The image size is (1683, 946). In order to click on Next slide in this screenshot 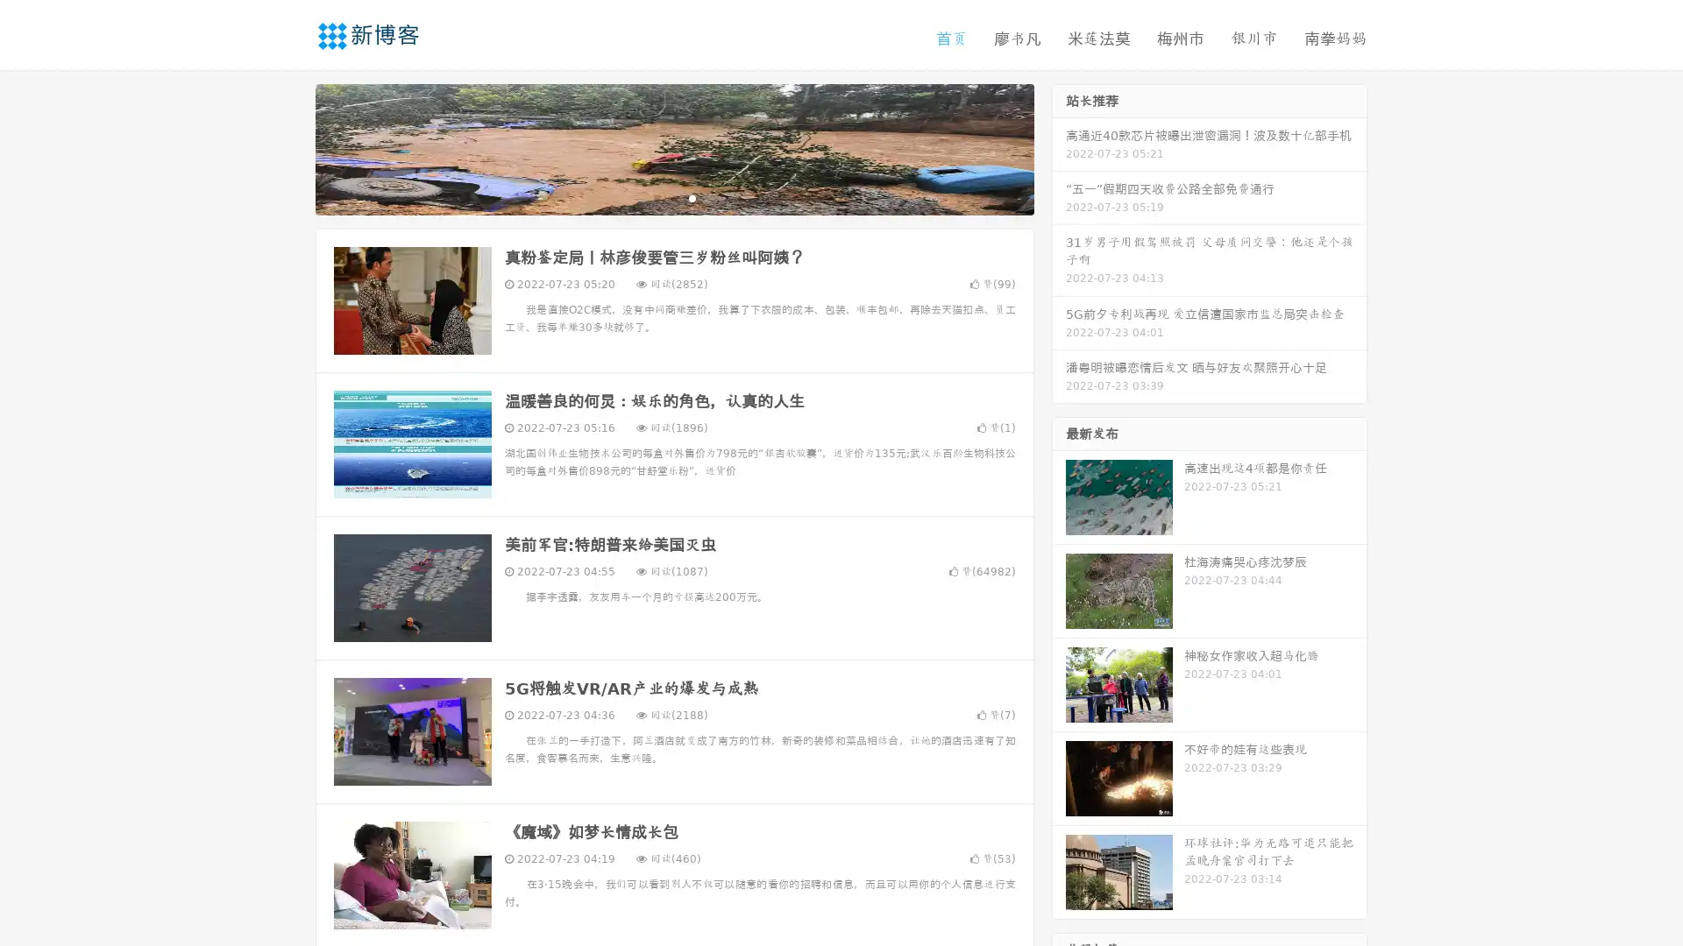, I will do `click(1059, 147)`.